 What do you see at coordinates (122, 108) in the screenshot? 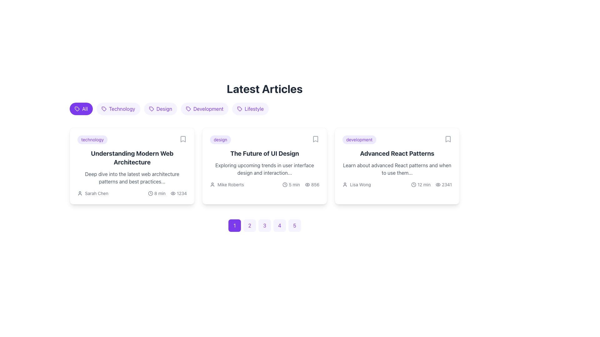
I see `the 'Technology' filter toggle button` at bounding box center [122, 108].